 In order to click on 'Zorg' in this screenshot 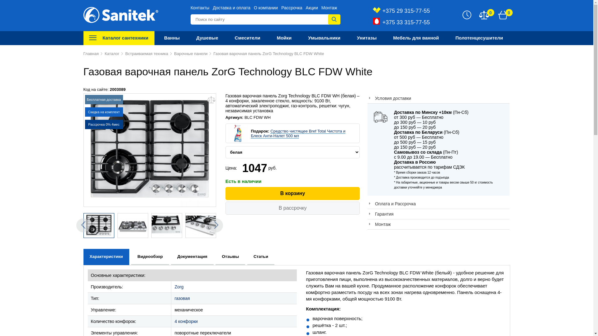, I will do `click(174, 287)`.